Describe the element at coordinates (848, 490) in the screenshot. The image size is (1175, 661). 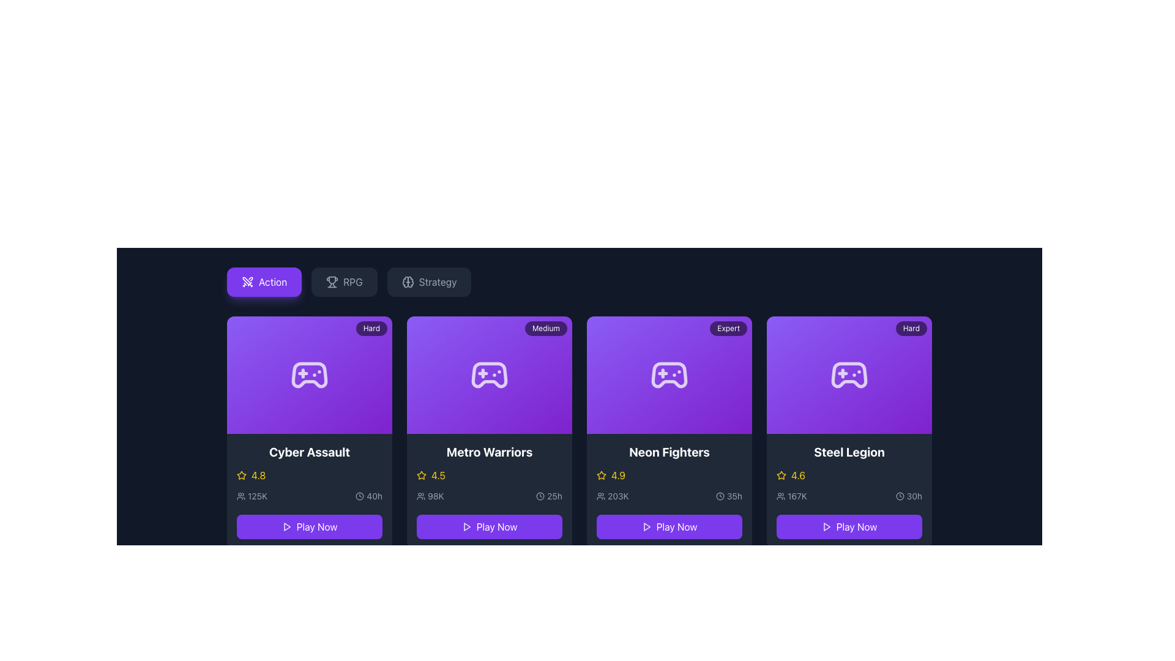
I see `game's rating '4.6' and user statistics '167K' from the Game Information Card titled 'Steel Legion', which is the fourth card in the grid layout and features a 'Hard' difficulty badge in the top-right corner` at that location.